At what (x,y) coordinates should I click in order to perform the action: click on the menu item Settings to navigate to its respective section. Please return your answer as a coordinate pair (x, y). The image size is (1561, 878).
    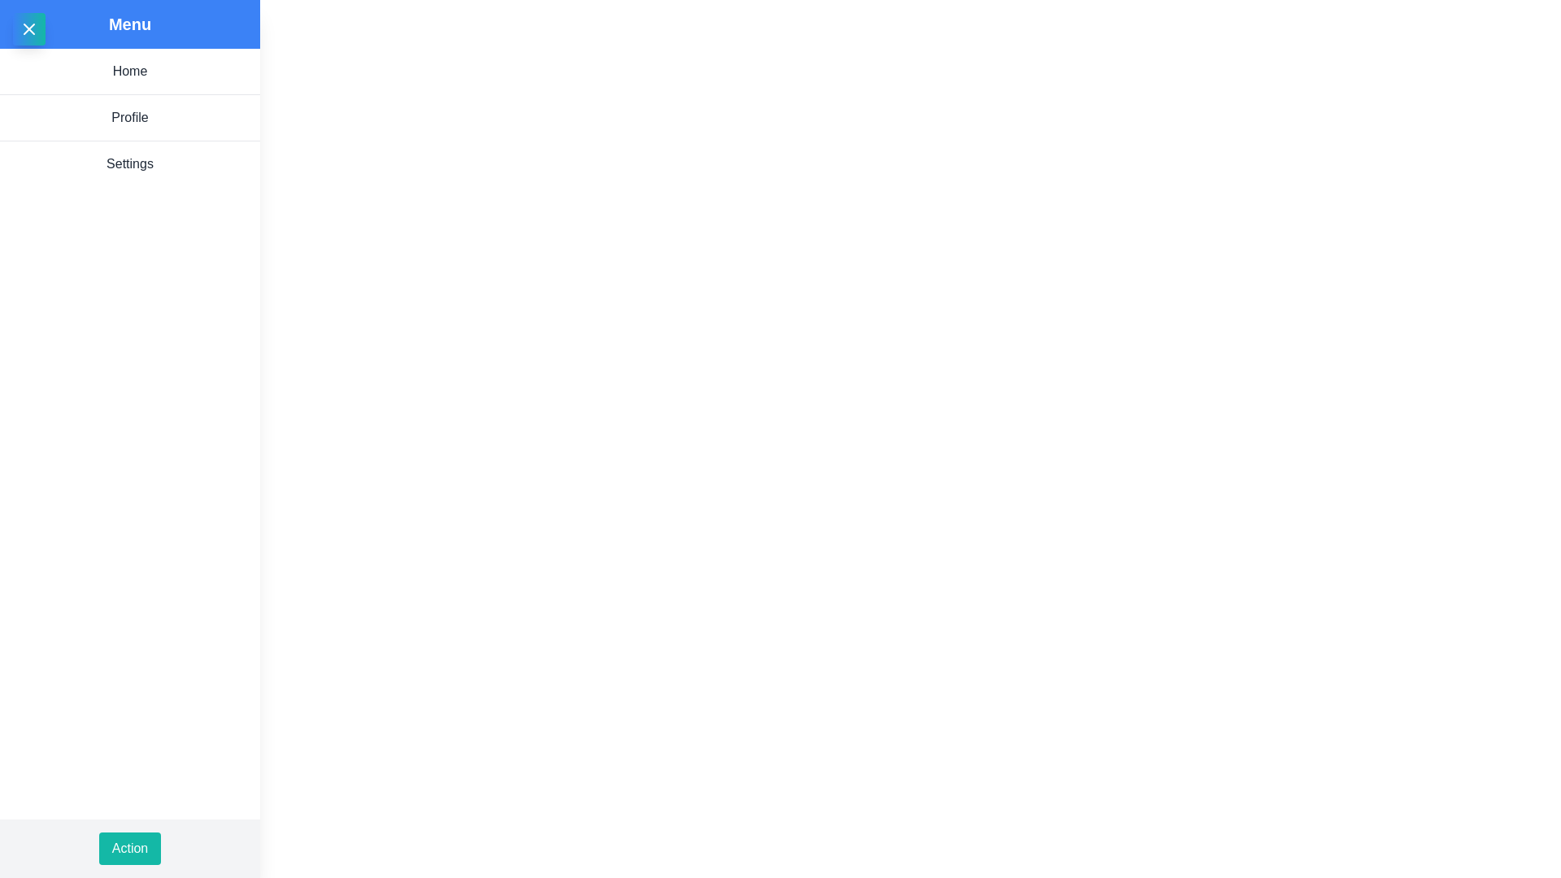
    Looking at the image, I should click on (128, 163).